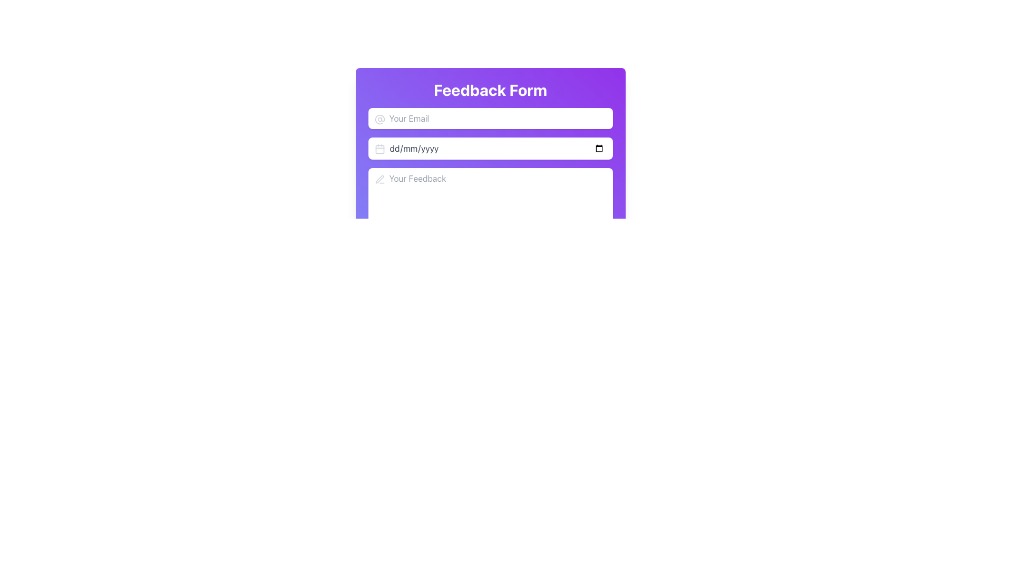 Image resolution: width=1012 pixels, height=569 pixels. What do you see at coordinates (490, 118) in the screenshot?
I see `the email input field in the 'Feedback Form' by tabbing to it from the previous input field` at bounding box center [490, 118].